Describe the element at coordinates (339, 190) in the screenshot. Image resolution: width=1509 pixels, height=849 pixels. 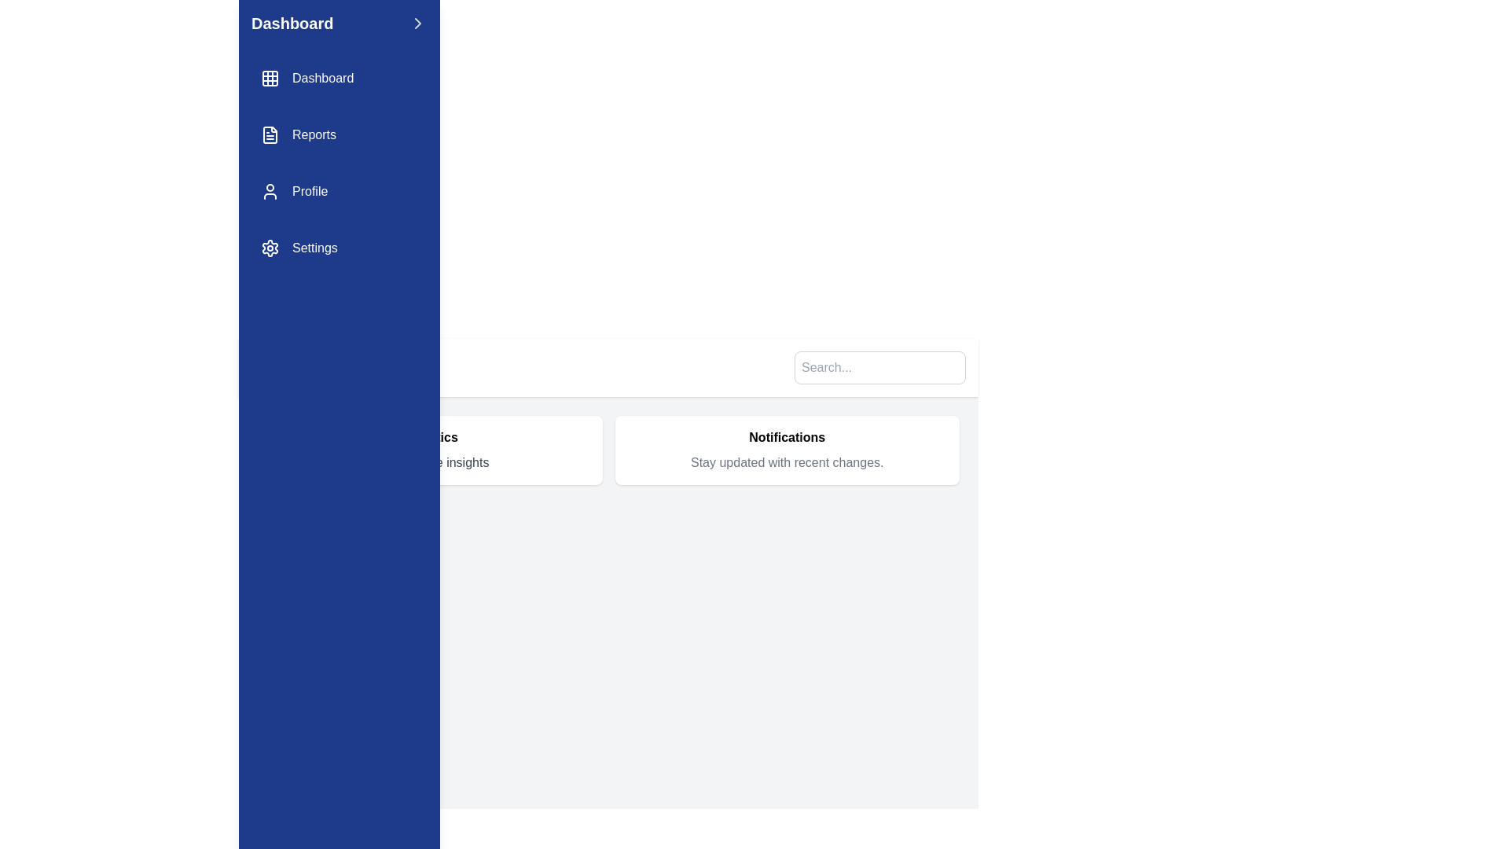
I see `the user profile button in the vertical navigation menu` at that location.